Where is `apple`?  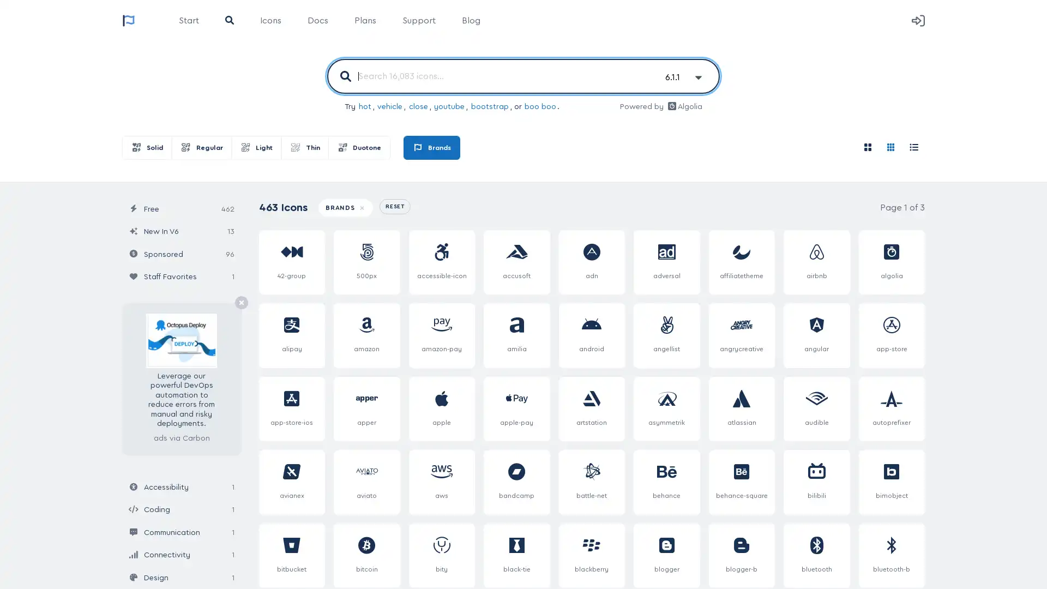 apple is located at coordinates (442, 416).